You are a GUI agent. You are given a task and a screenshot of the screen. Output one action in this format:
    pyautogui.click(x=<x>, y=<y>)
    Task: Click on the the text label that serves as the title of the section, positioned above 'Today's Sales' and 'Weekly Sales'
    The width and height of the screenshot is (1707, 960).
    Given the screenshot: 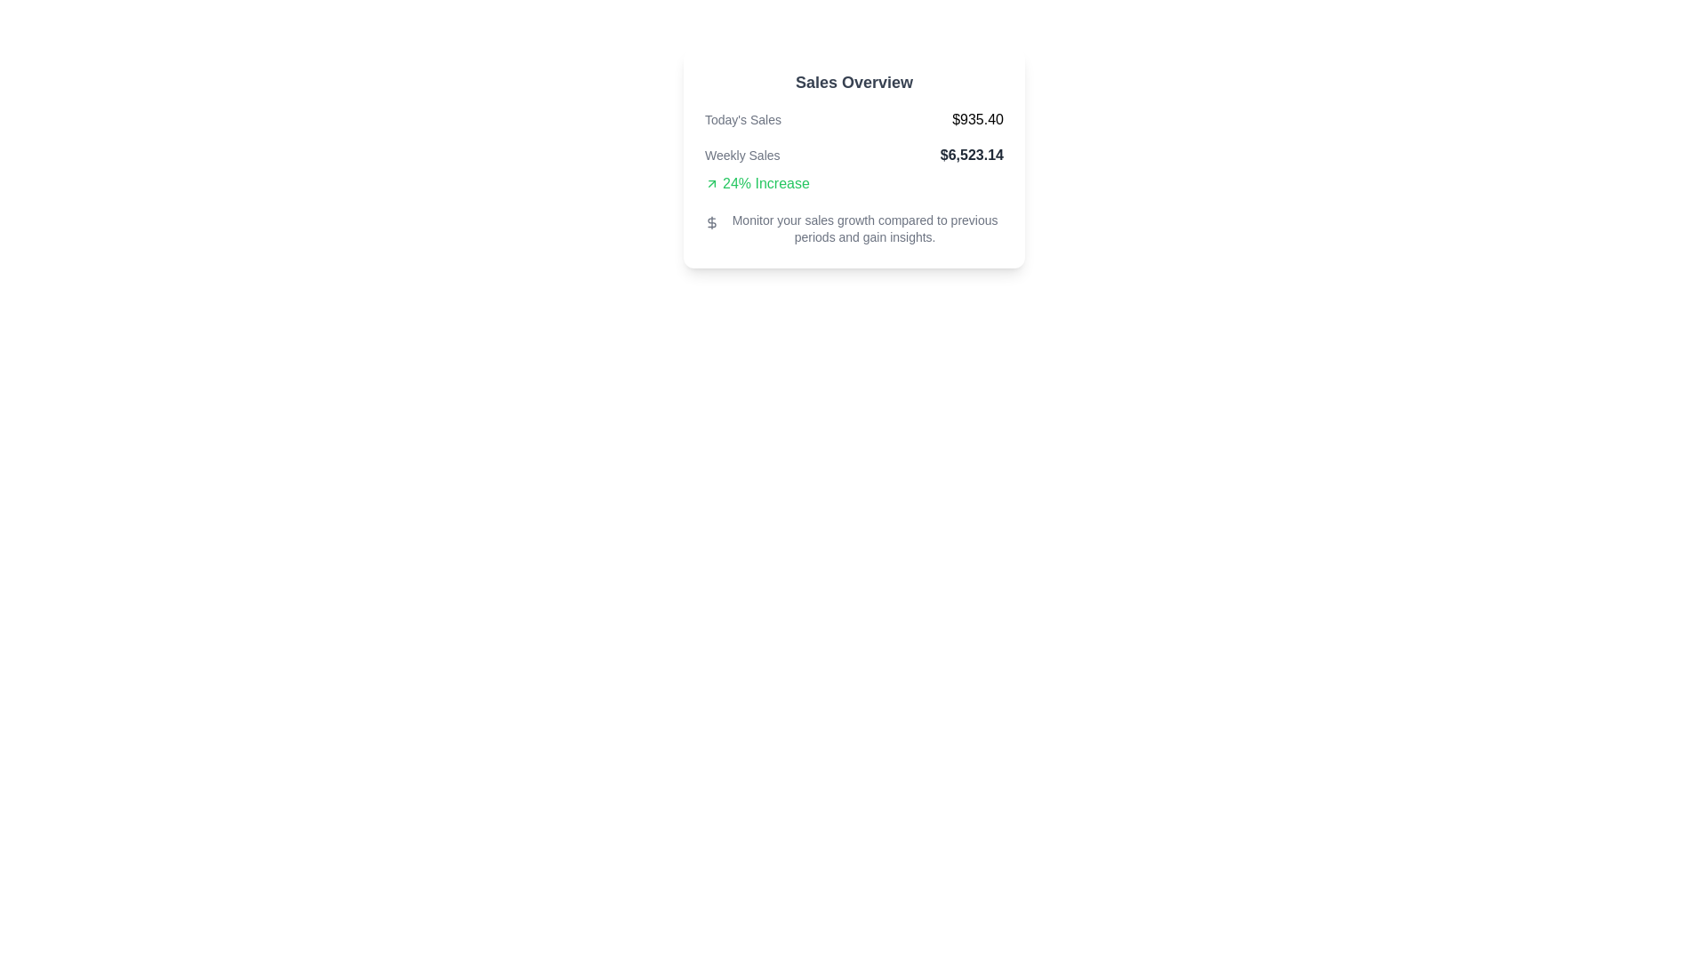 What is the action you would take?
    pyautogui.click(x=853, y=82)
    